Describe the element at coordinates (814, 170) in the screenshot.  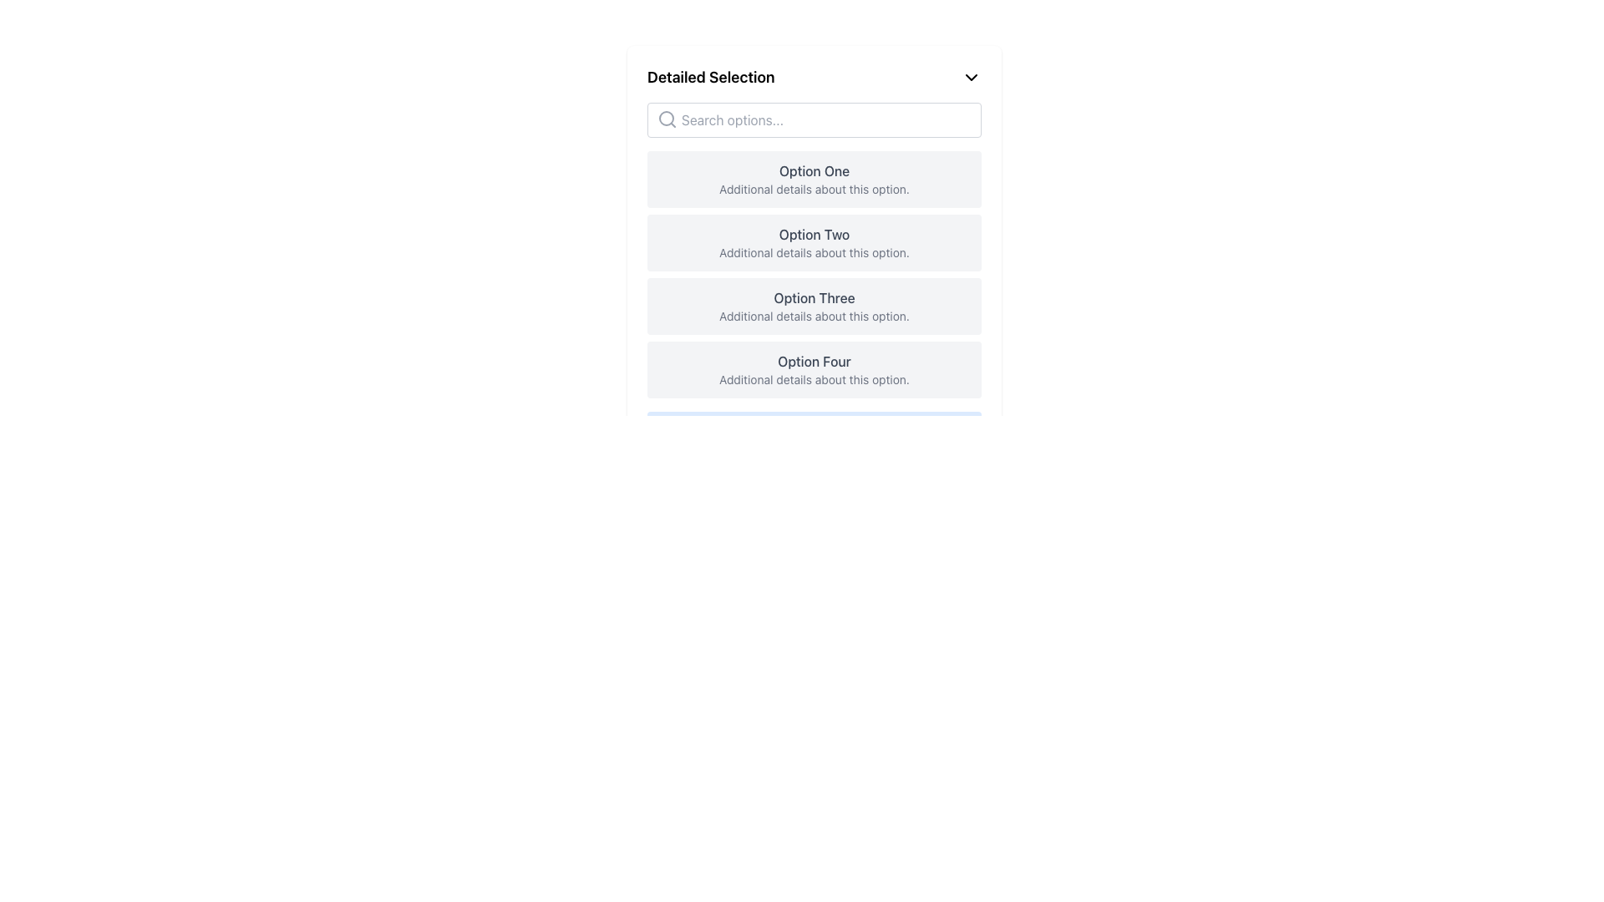
I see `text of the topmost text label in the 'Detailed Selection' section, which serves as the main identifier for the option` at that location.